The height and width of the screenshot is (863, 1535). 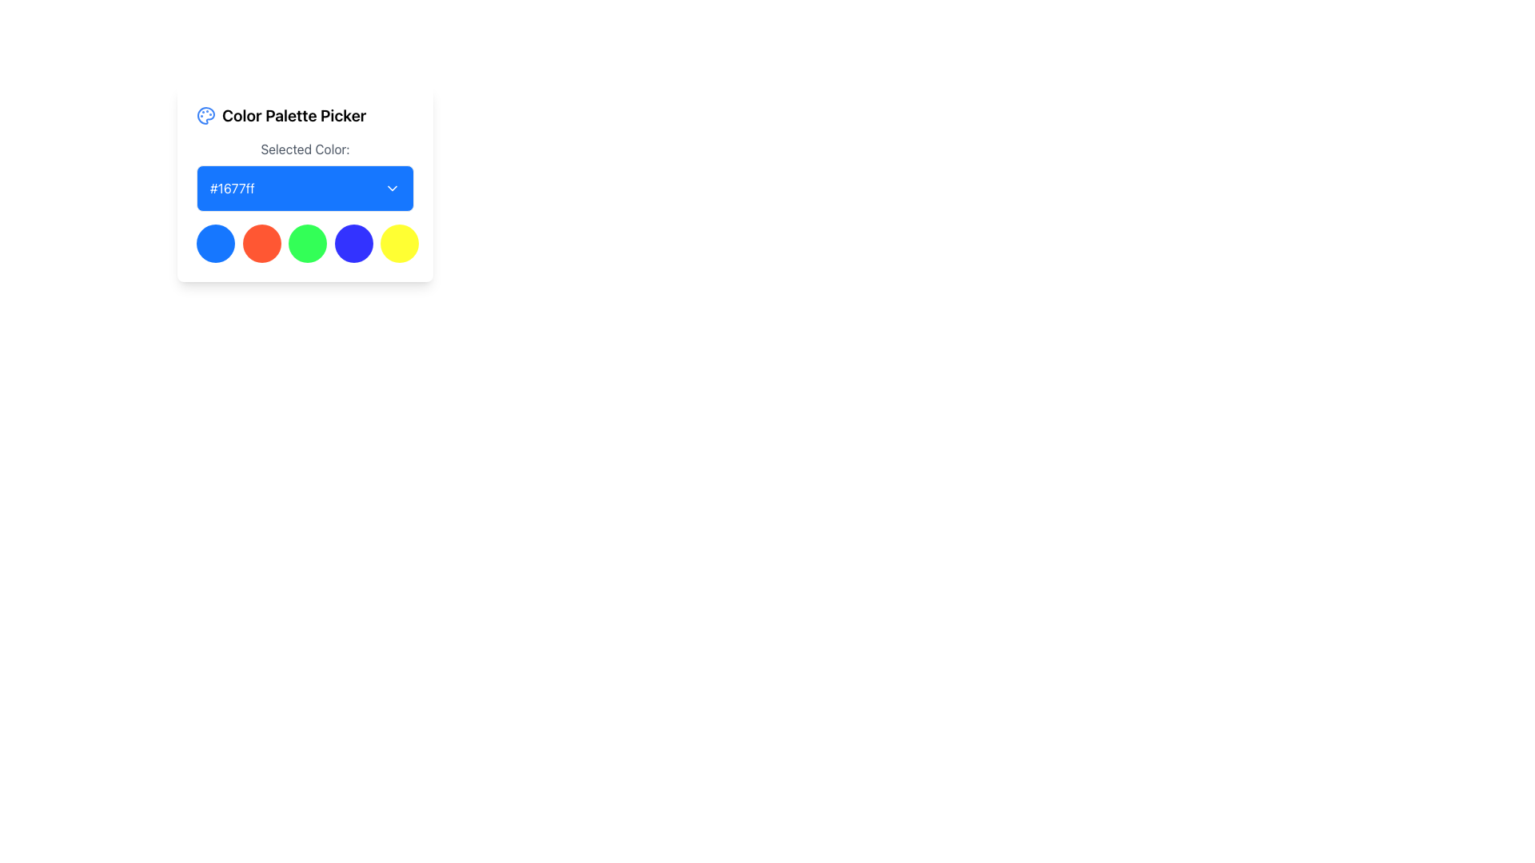 I want to click on the Static Icon located to the left of the 'Color Palette Picker' label, which serves as a branding element for the feature, so click(x=205, y=115).